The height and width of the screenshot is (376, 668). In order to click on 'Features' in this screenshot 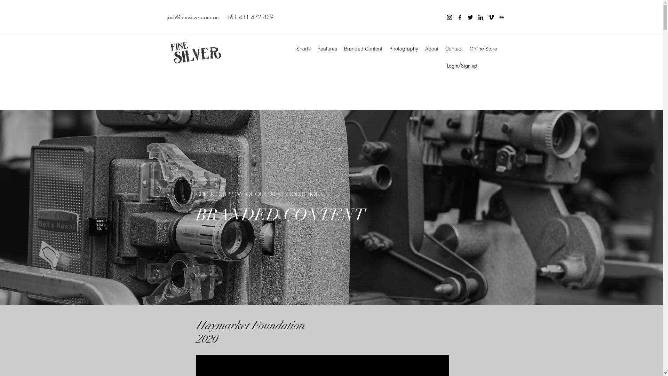, I will do `click(327, 48)`.